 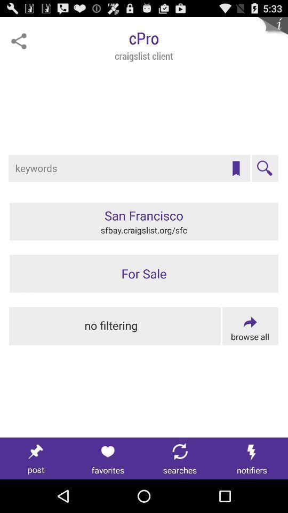 I want to click on show information, so click(x=273, y=31).